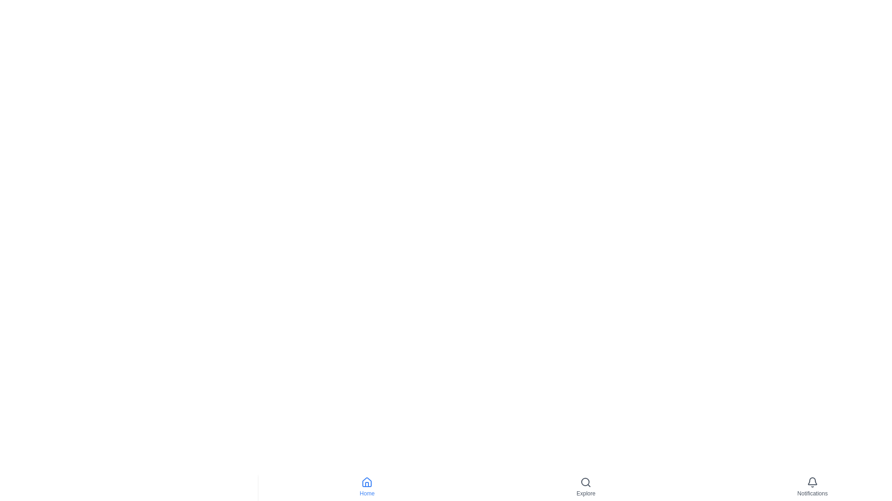 The height and width of the screenshot is (501, 892). Describe the element at coordinates (812, 486) in the screenshot. I see `the Navigation button, which is the third interactive item in the bottom navigation bar, to potentially view a tooltip` at that location.